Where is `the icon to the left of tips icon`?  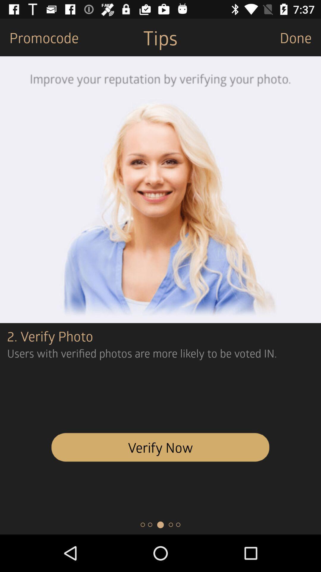
the icon to the left of tips icon is located at coordinates (39, 37).